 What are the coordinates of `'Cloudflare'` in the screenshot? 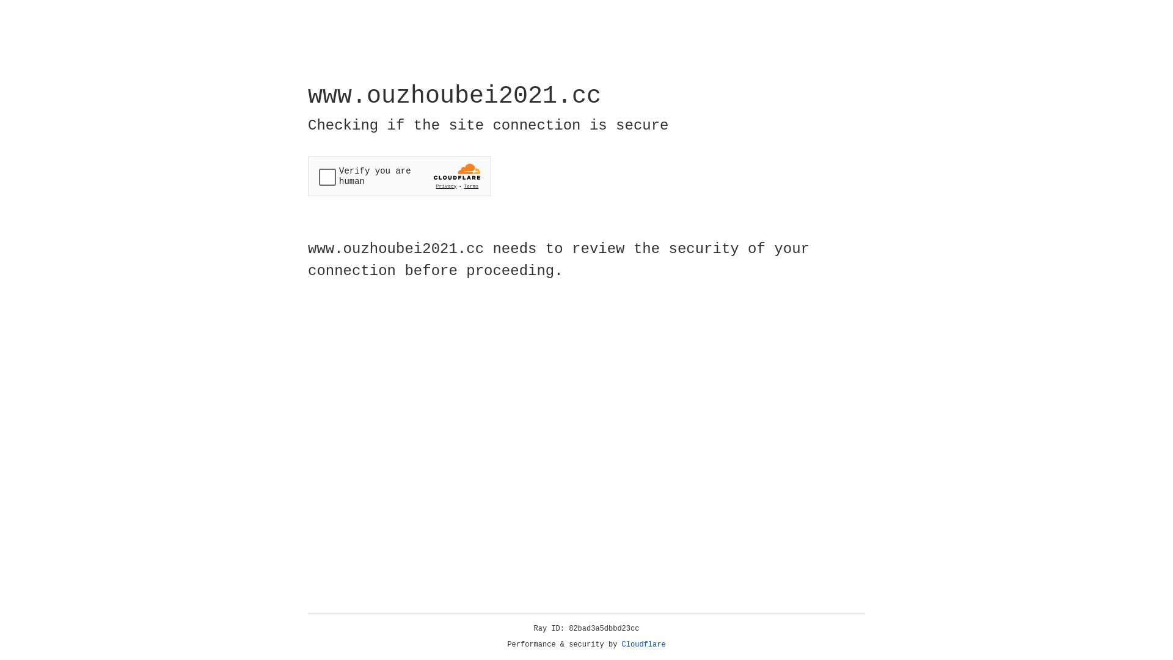 It's located at (643, 644).